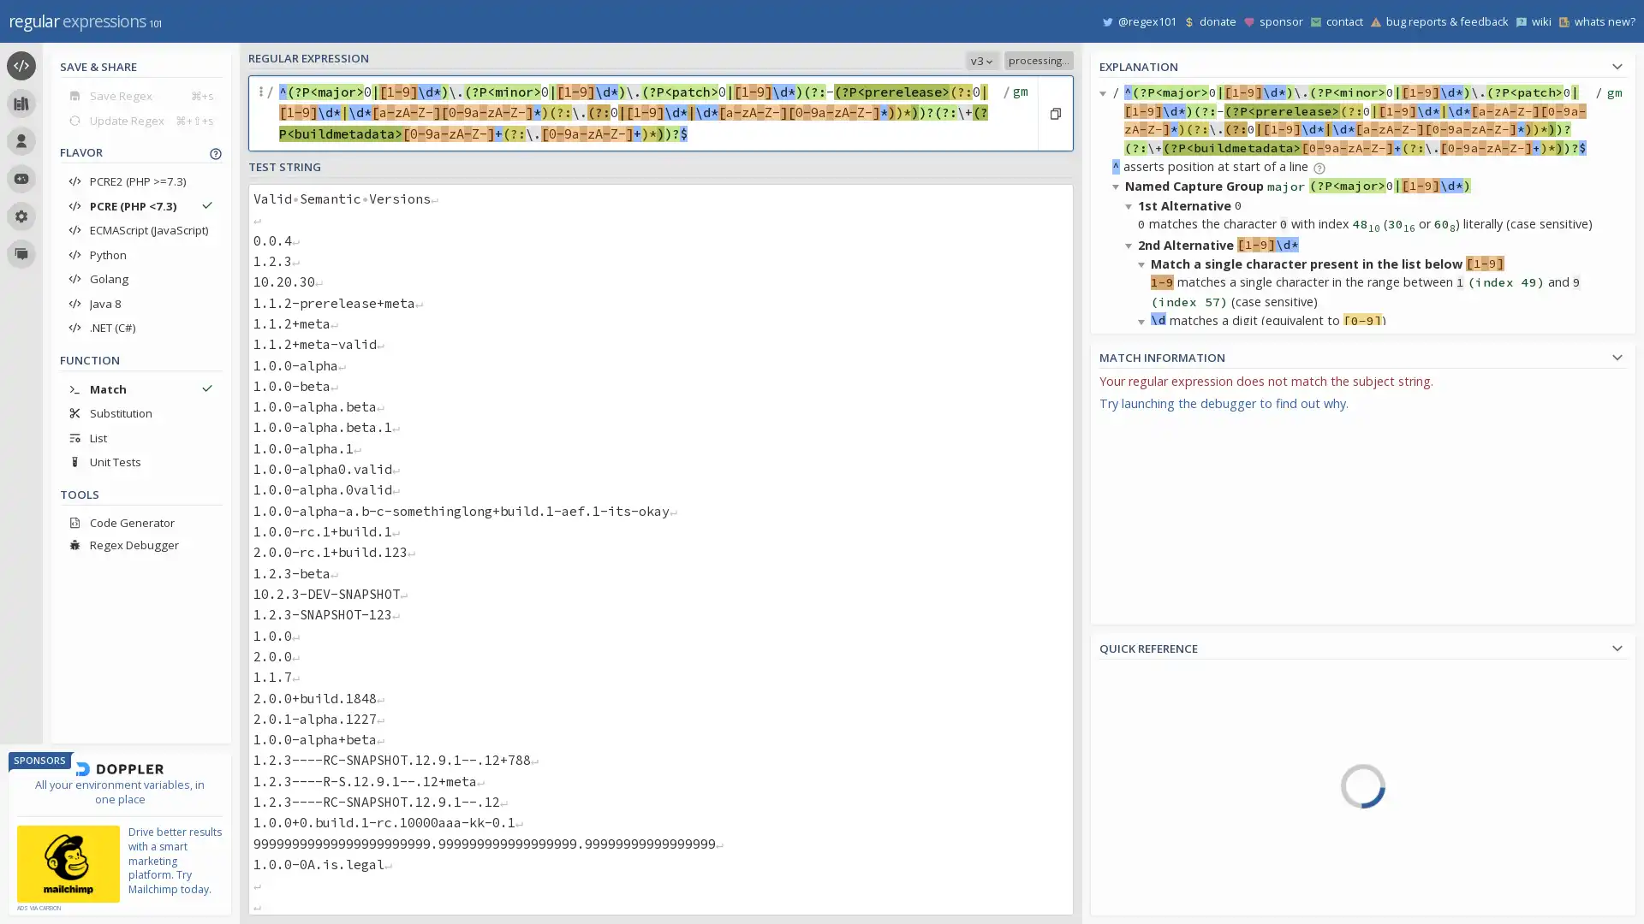 The width and height of the screenshot is (1644, 924). Describe the element at coordinates (1448, 823) in the screenshot. I see `Alternate - match either a or b a|b` at that location.